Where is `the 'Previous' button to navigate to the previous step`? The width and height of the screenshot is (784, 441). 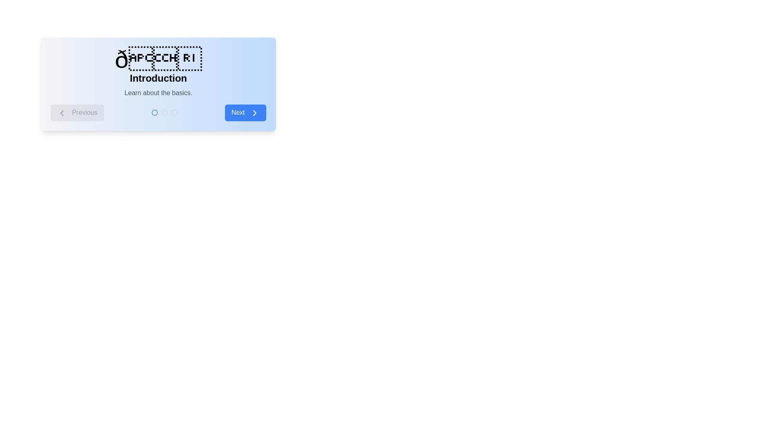 the 'Previous' button to navigate to the previous step is located at coordinates (77, 113).